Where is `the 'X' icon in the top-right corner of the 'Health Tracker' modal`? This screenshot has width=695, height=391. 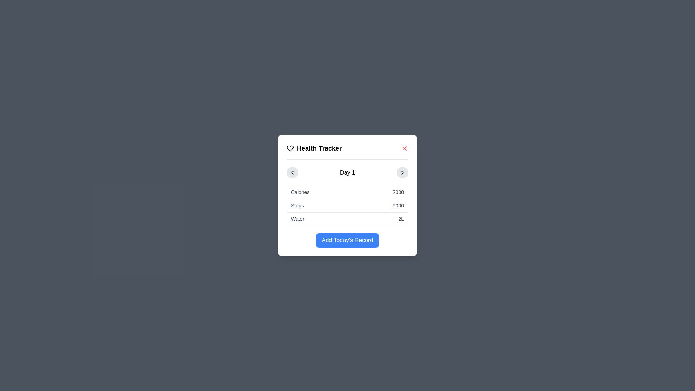
the 'X' icon in the top-right corner of the 'Health Tracker' modal is located at coordinates (404, 148).